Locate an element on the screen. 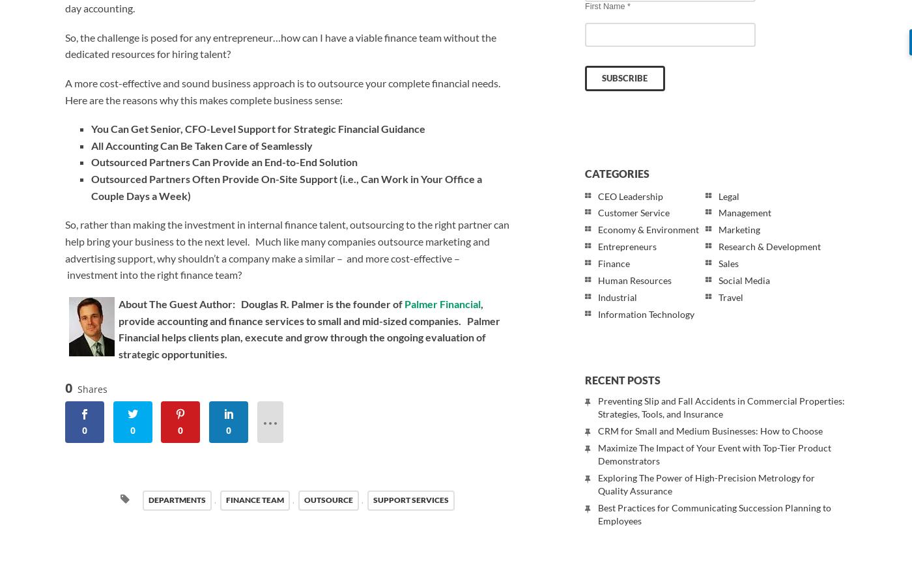 Image resolution: width=912 pixels, height=570 pixels. 'About The Guest Author:   Douglas R. Palmer is the founder of' is located at coordinates (261, 304).